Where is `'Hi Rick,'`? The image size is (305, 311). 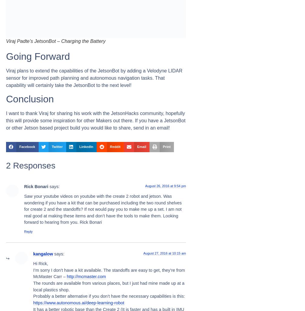
'Hi Rick,' is located at coordinates (40, 264).